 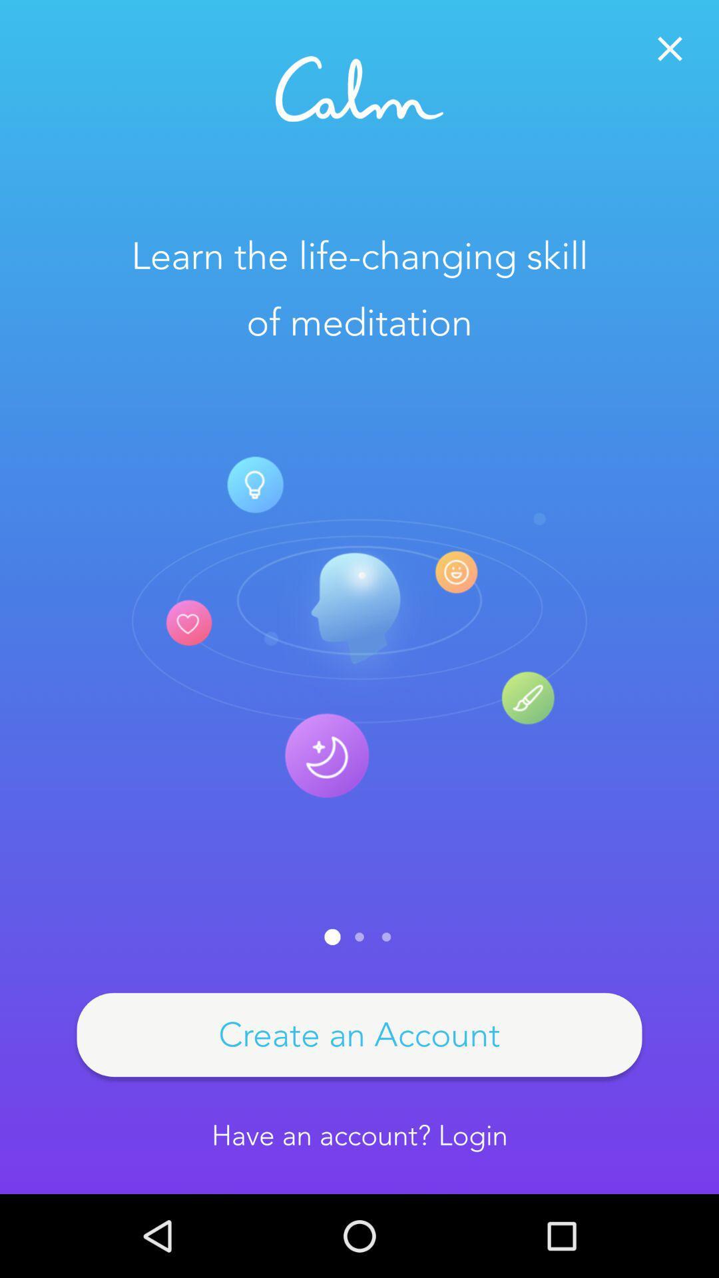 I want to click on close, so click(x=670, y=49).